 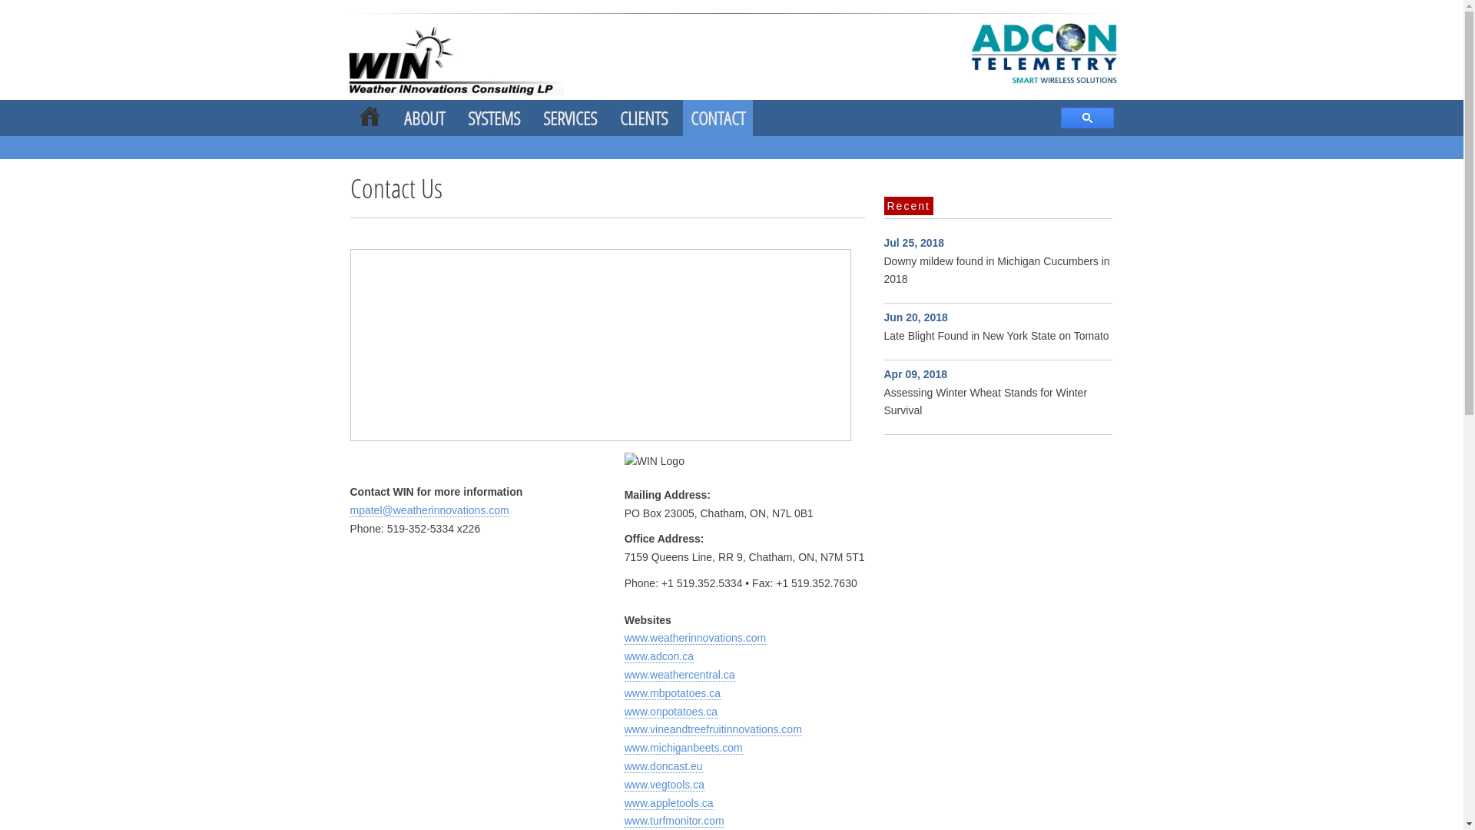 What do you see at coordinates (471, 58) in the screenshot?
I see `'adcon.ca'` at bounding box center [471, 58].